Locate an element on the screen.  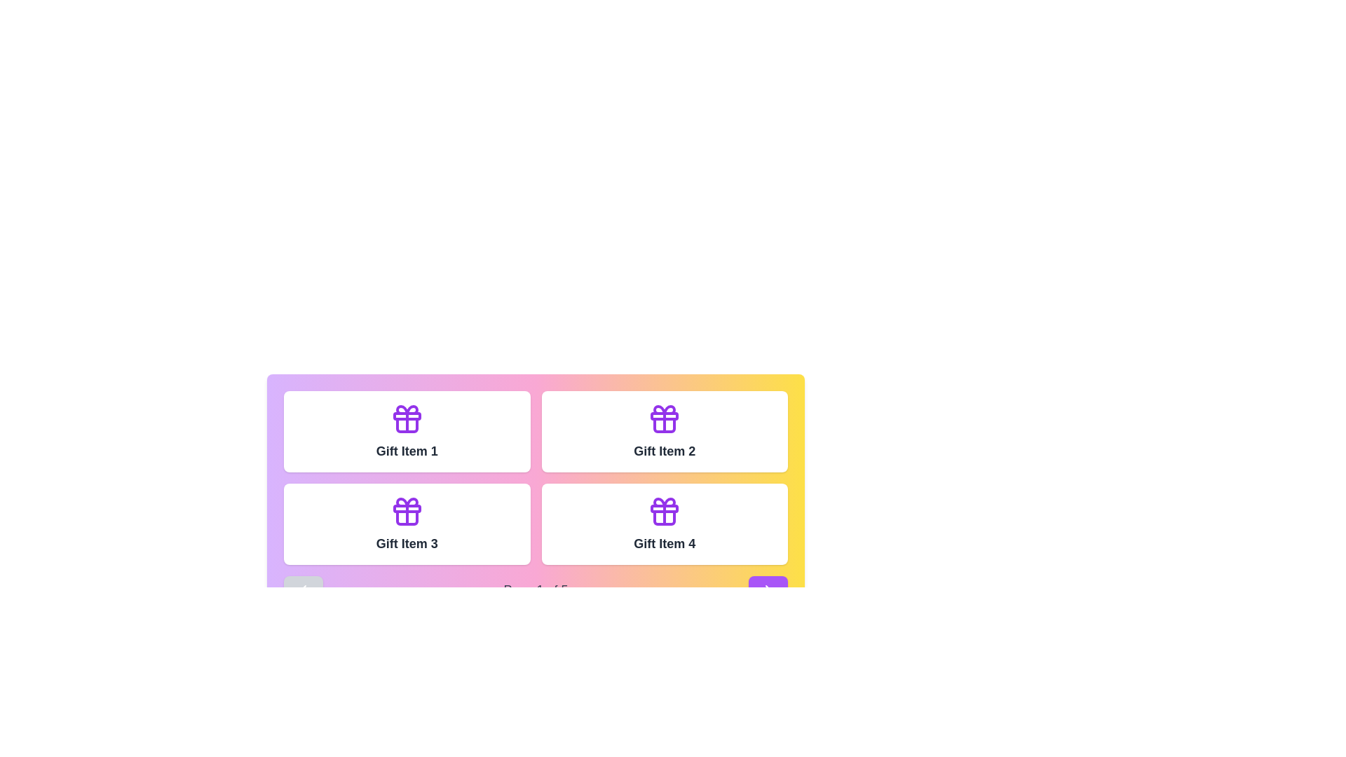
text label located at the bottom-left of the grid layout, specifically under the second row and the first column of items, which is below the gift icon is located at coordinates (406, 543).